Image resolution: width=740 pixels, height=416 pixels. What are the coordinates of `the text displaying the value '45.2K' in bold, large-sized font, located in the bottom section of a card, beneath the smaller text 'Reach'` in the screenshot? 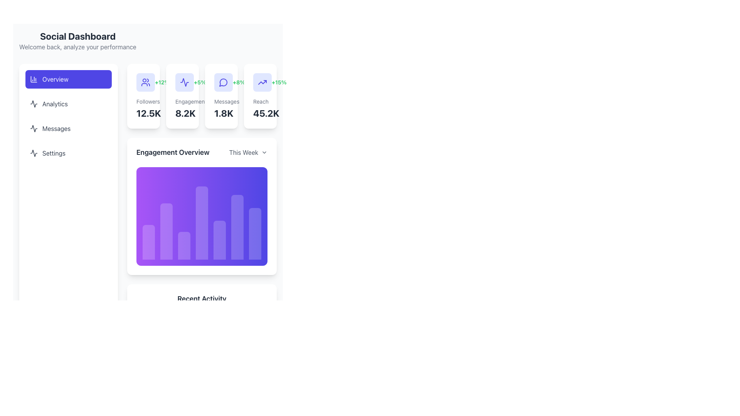 It's located at (260, 113).